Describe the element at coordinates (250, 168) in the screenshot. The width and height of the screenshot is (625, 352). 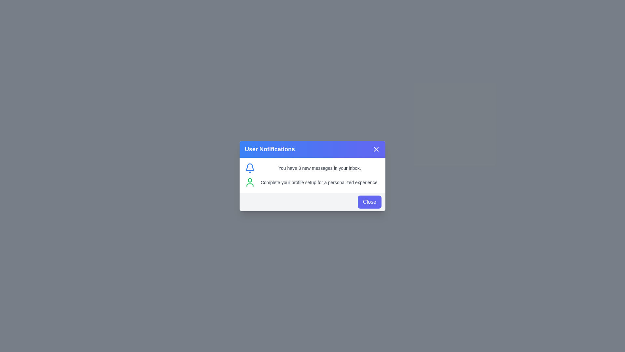
I see `the blue bell-shaped icon that is outlined and hollow, located to the left of the text 'You have 3 new messages in your inbox.'` at that location.